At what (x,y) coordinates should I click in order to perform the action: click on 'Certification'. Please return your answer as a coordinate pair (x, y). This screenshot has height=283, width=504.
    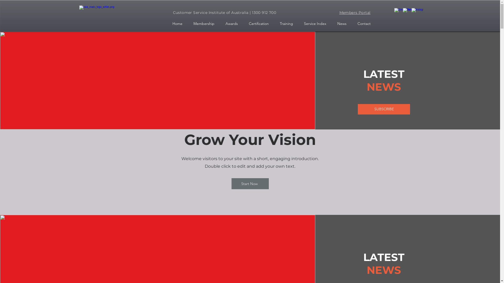
    Looking at the image, I should click on (258, 24).